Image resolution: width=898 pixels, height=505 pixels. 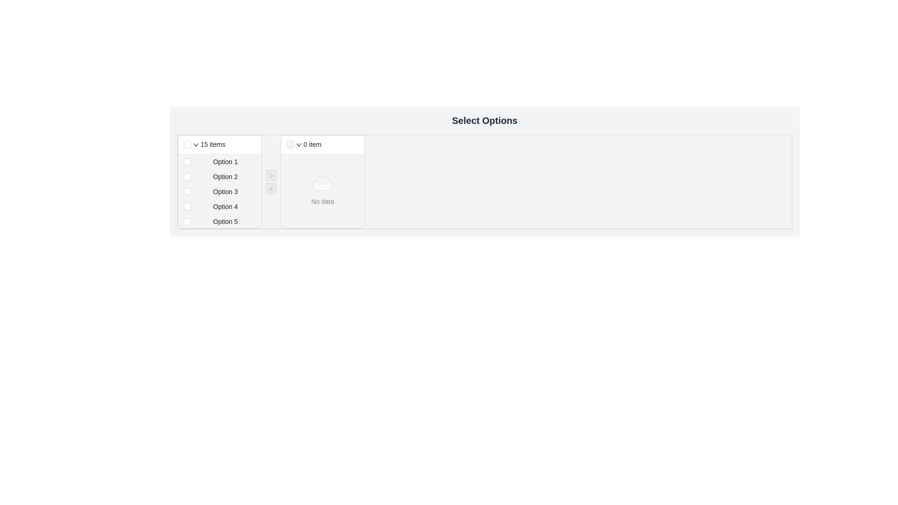 I want to click on the checkbox for 'Option 5' located at the beginning of the fifth item in the vertical list, so click(x=187, y=222).